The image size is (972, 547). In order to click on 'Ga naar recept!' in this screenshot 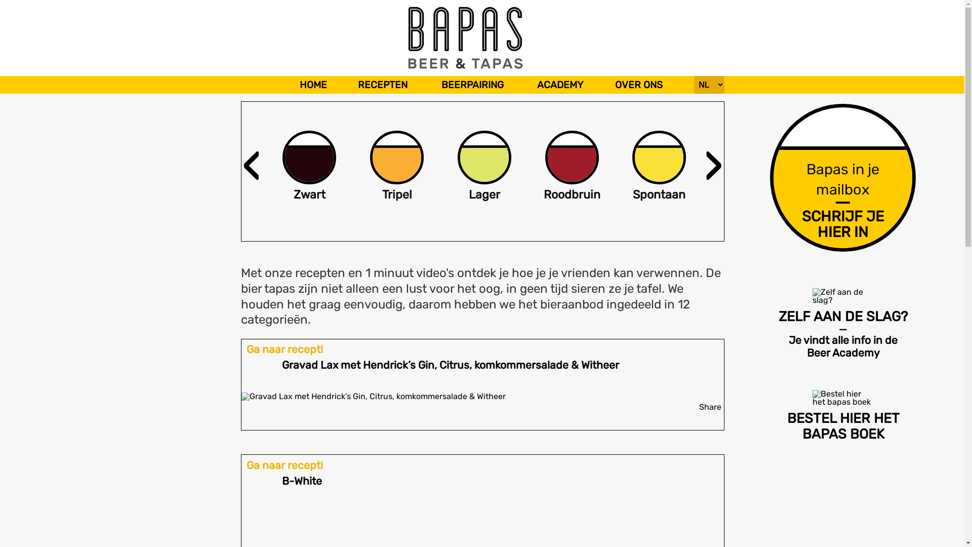, I will do `click(284, 348)`.